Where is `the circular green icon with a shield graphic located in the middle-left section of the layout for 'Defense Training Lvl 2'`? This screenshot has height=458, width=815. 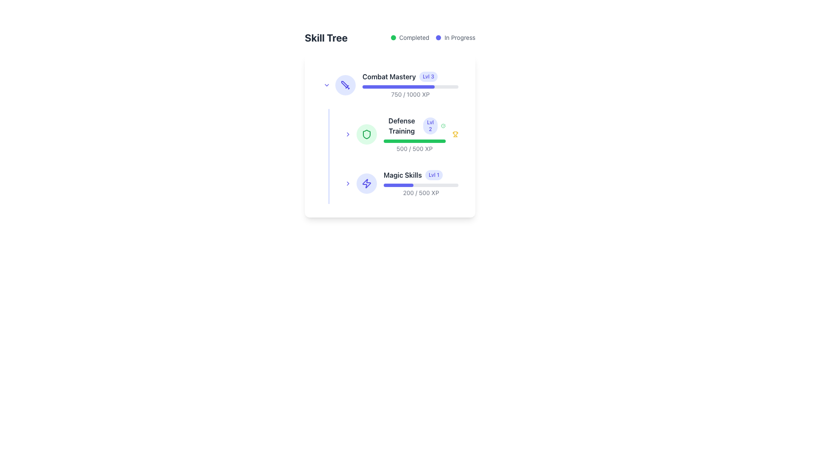 the circular green icon with a shield graphic located in the middle-left section of the layout for 'Defense Training Lvl 2' is located at coordinates (367, 134).